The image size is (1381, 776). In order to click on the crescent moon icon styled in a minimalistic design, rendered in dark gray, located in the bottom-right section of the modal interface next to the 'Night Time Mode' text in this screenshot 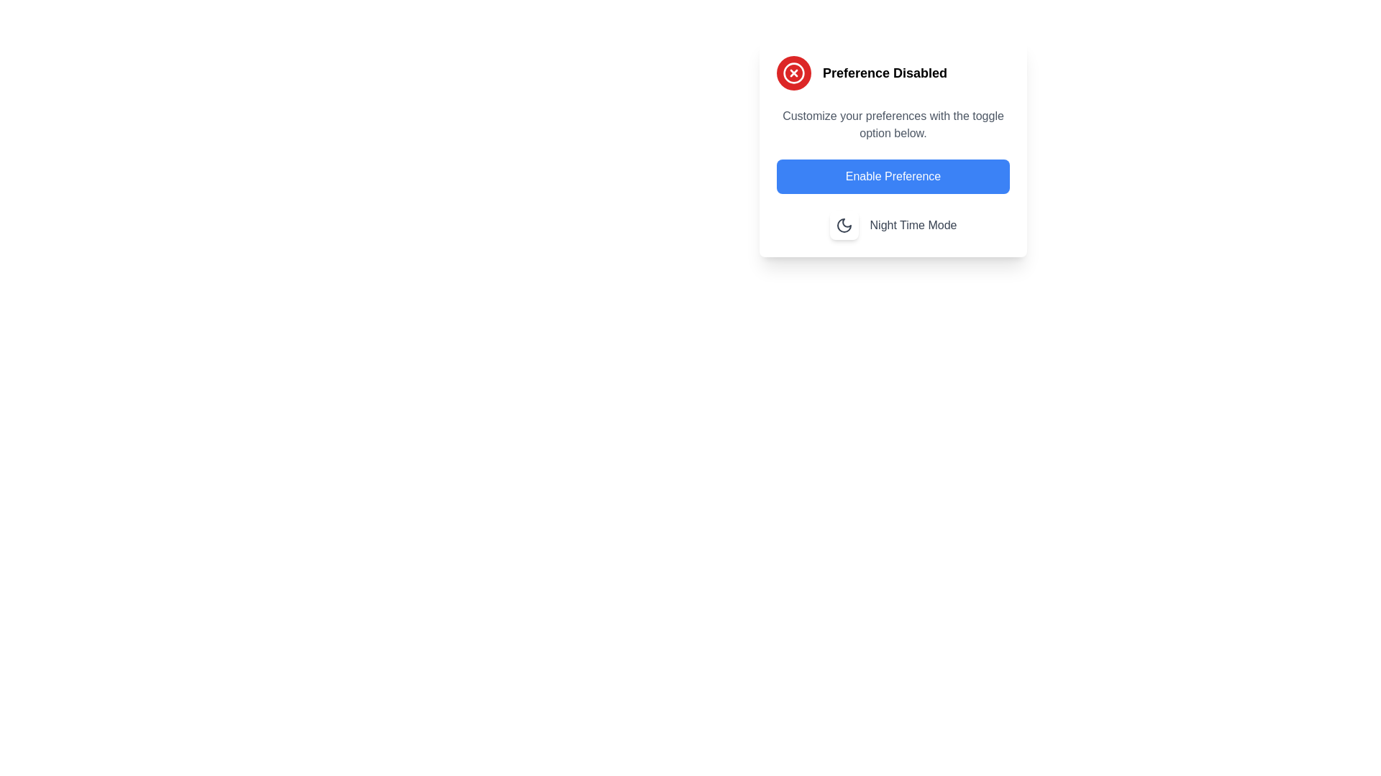, I will do `click(844, 225)`.